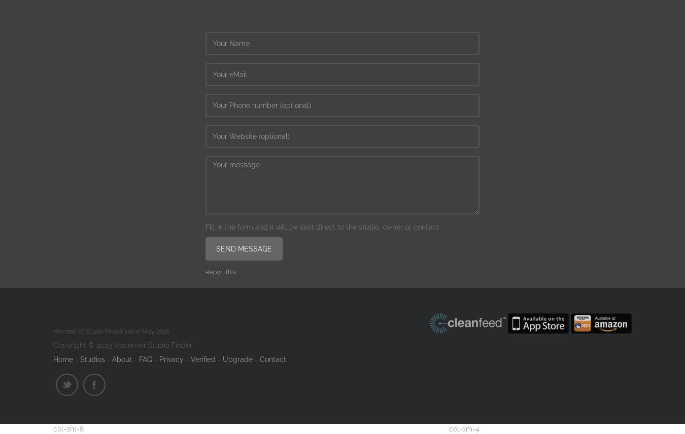 This screenshot has height=434, width=685. Describe the element at coordinates (244, 248) in the screenshot. I see `'Send message'` at that location.